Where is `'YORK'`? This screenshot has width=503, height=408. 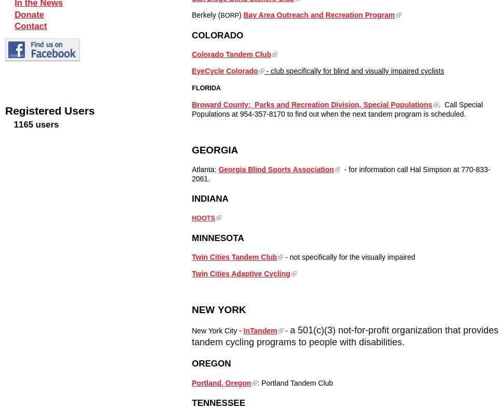
'YORK' is located at coordinates (231, 309).